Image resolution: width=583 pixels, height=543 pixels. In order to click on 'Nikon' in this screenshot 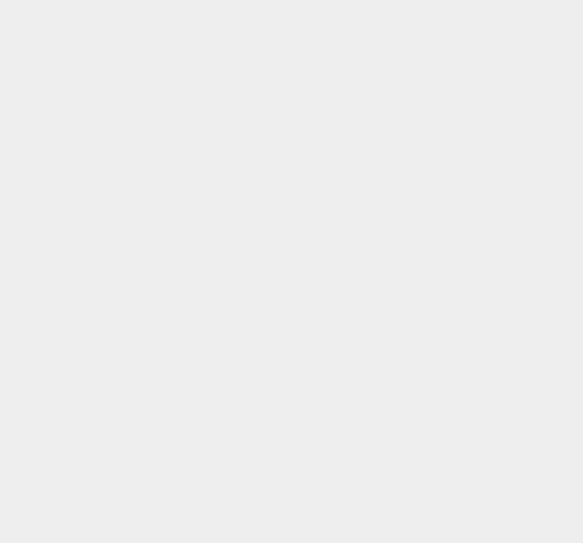, I will do `click(412, 18)`.